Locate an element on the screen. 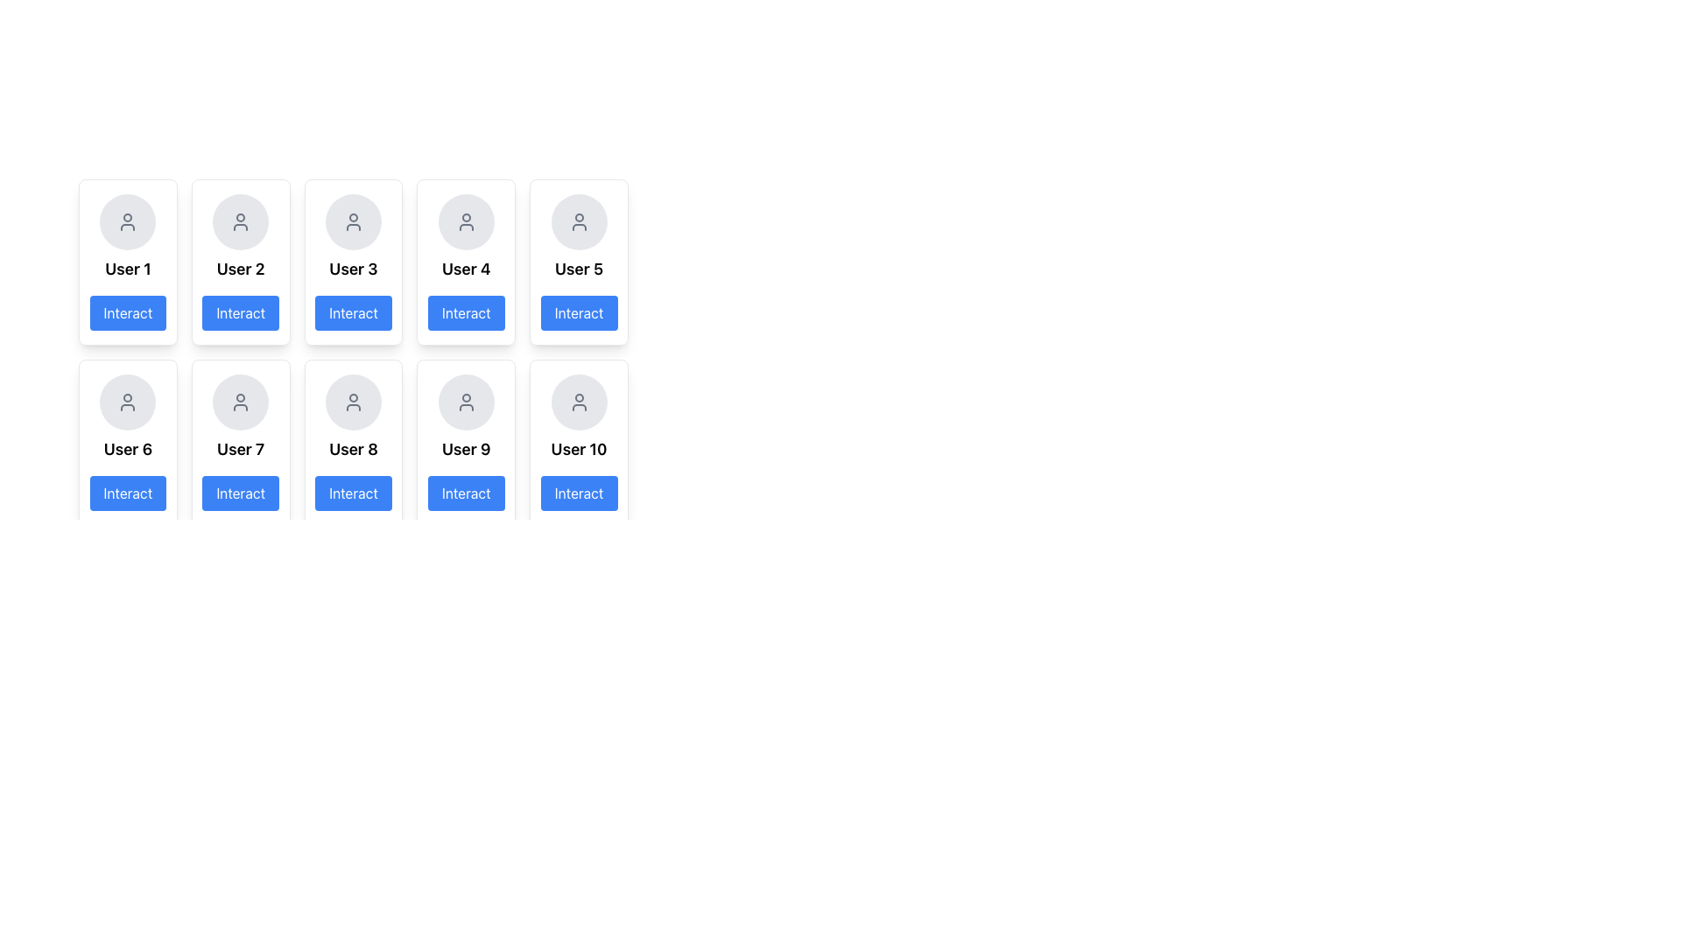 The image size is (1681, 945). the circular icon with a gray background and a human figure outline, located above the 'User 8' label and 'Interact' button in the second row, third column of the grid is located at coordinates (352, 402).